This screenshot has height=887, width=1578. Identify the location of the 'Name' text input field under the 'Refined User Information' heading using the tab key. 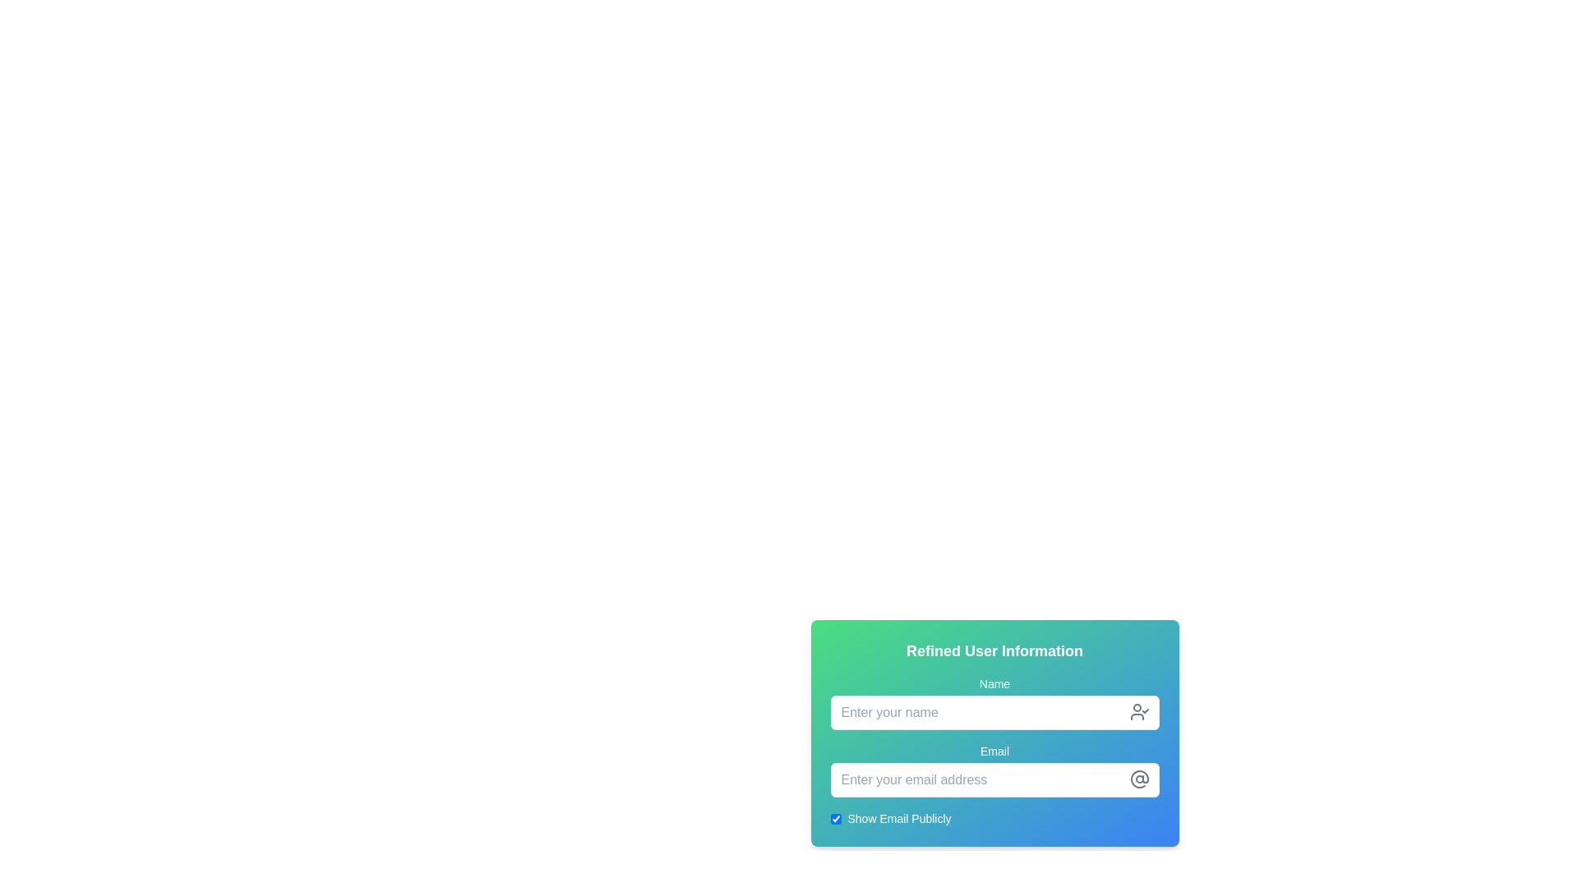
(994, 702).